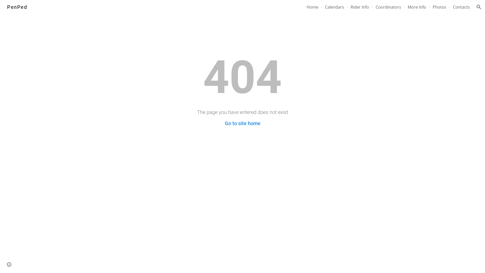 The image size is (485, 273). What do you see at coordinates (17, 7) in the screenshot?
I see `'PenPed'` at bounding box center [17, 7].